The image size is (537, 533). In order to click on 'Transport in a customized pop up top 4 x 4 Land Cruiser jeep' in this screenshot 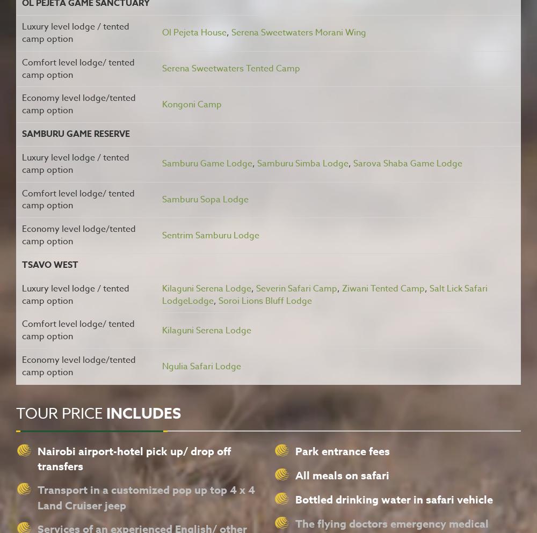, I will do `click(146, 496)`.